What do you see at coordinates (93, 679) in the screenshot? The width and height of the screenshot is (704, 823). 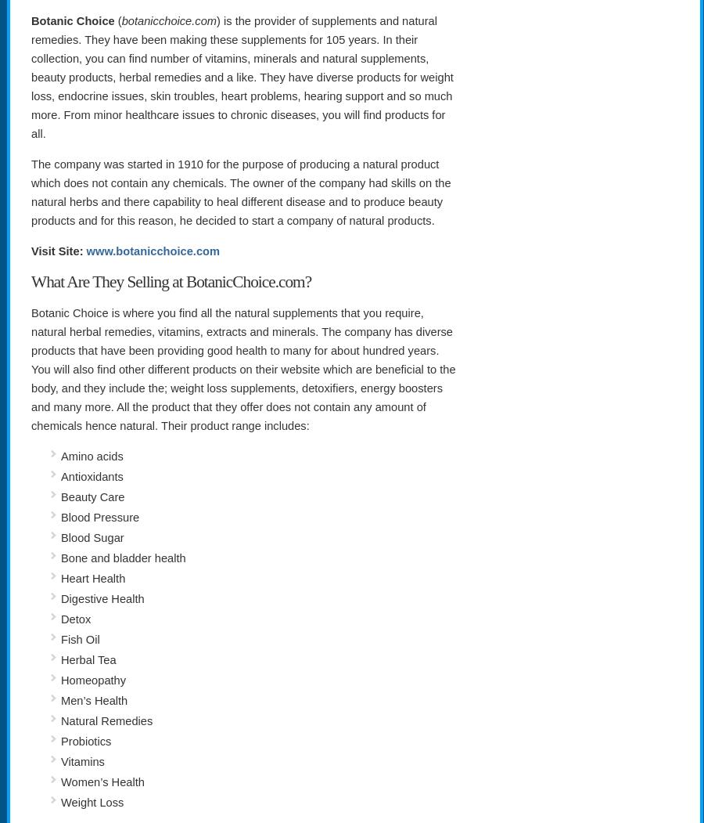 I see `'Homeopathy'` at bounding box center [93, 679].